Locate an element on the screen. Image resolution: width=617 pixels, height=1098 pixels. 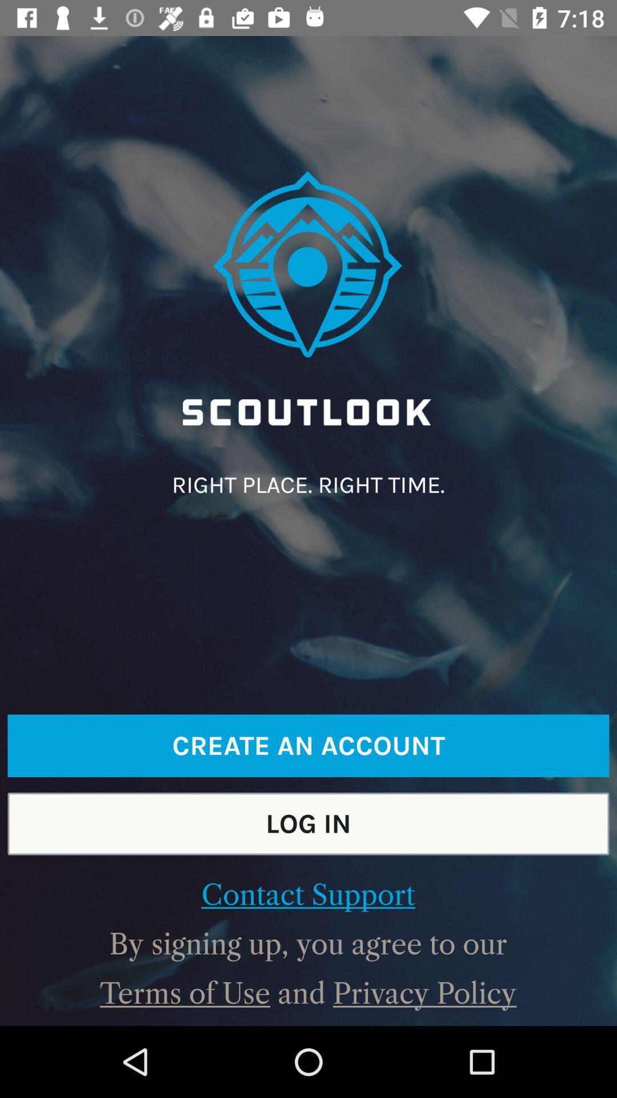
the terms of use icon is located at coordinates (185, 993).